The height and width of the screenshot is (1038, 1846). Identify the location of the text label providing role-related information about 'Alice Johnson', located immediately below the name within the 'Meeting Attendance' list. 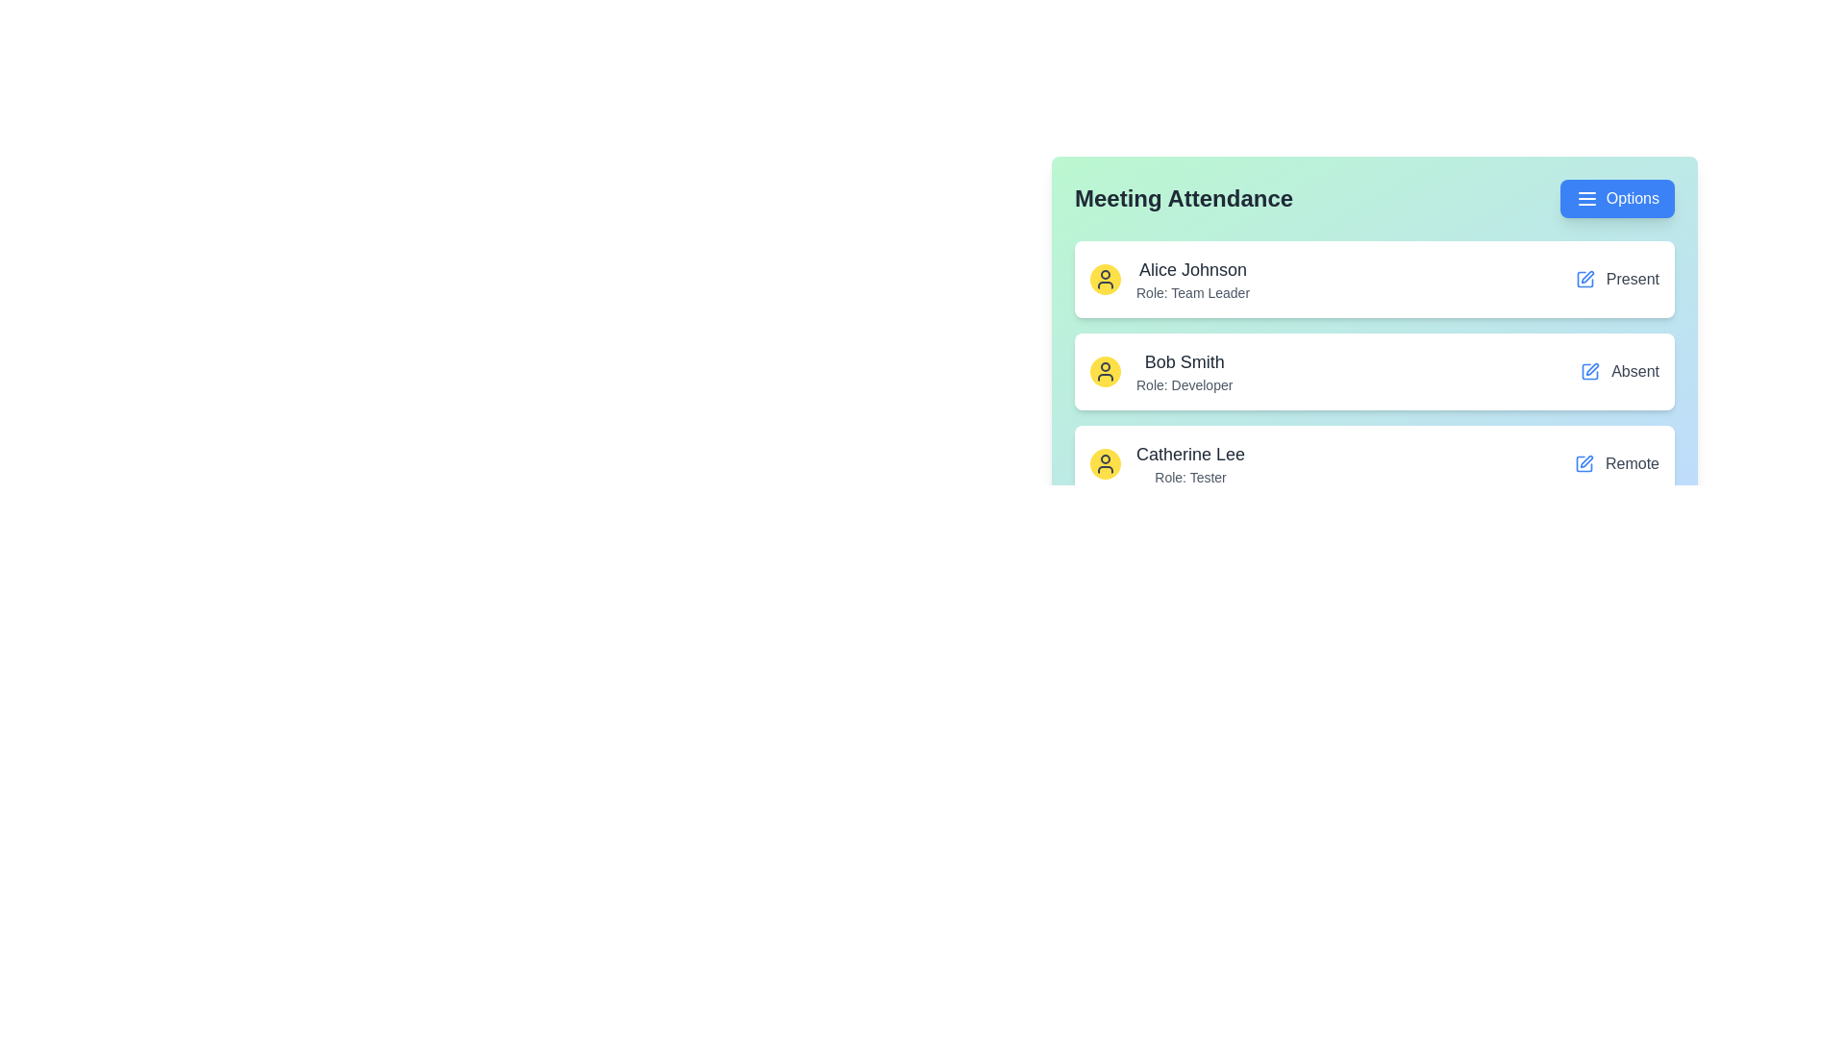
(1192, 292).